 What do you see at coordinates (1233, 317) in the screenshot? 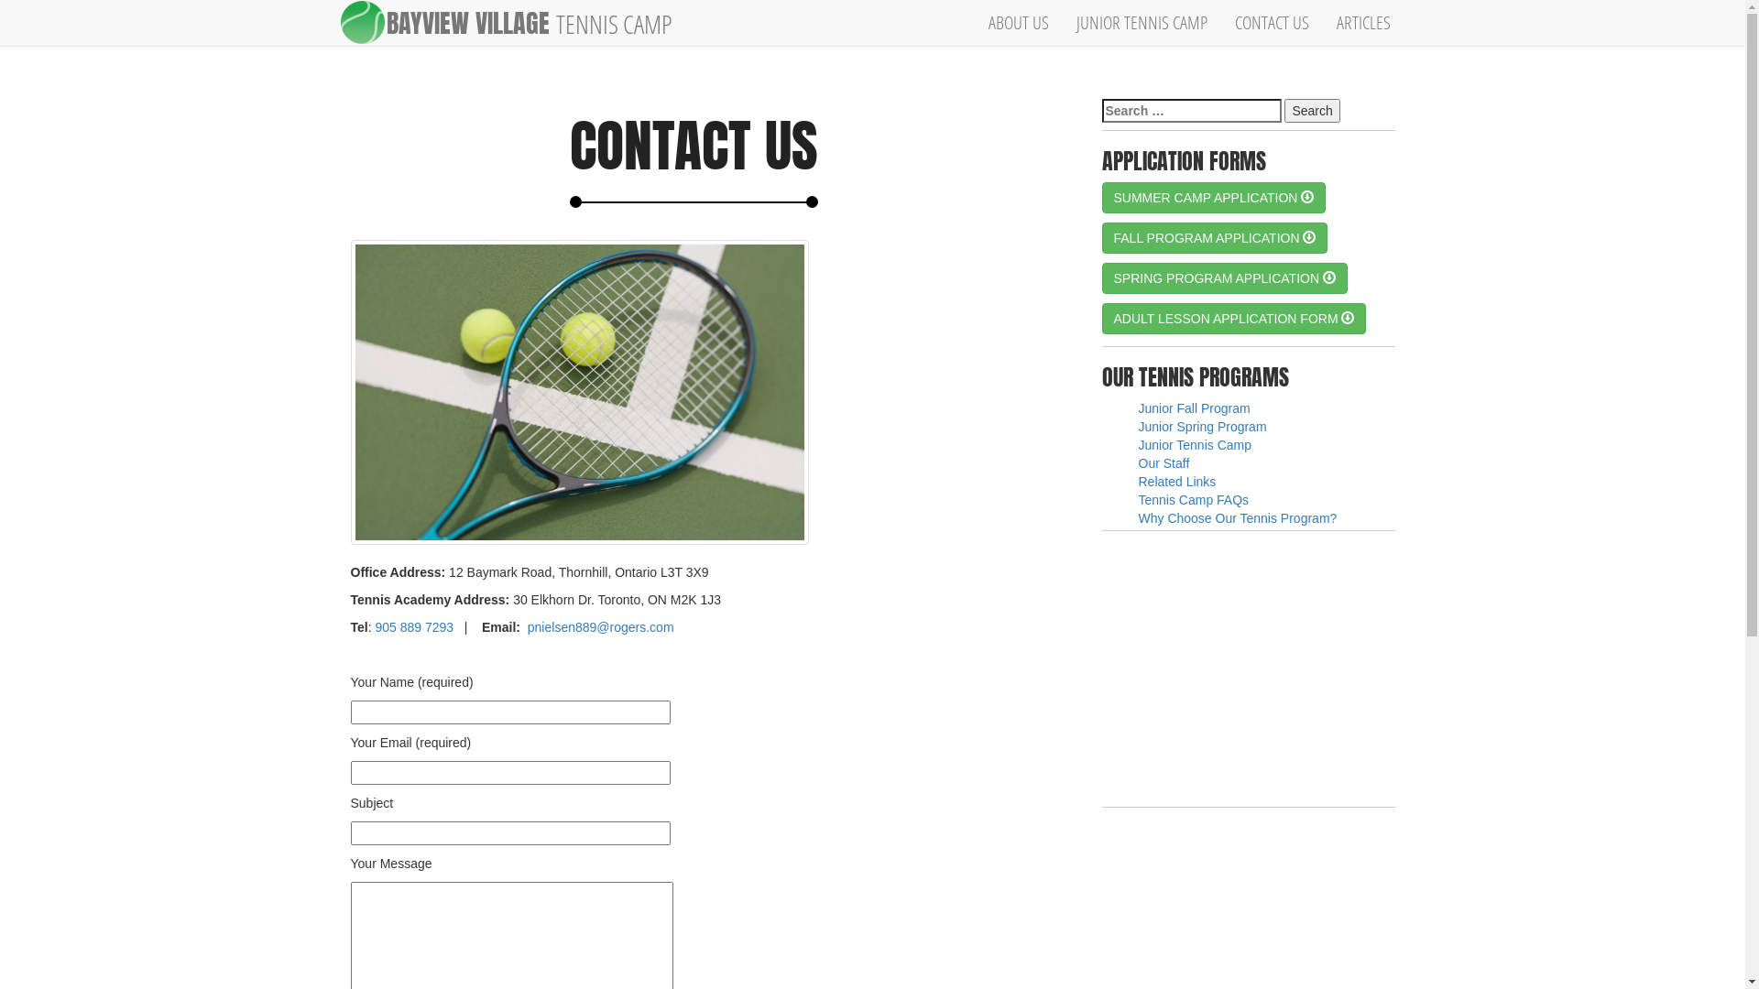
I see `'ADULT LESSON APPLICATION FORM'` at bounding box center [1233, 317].